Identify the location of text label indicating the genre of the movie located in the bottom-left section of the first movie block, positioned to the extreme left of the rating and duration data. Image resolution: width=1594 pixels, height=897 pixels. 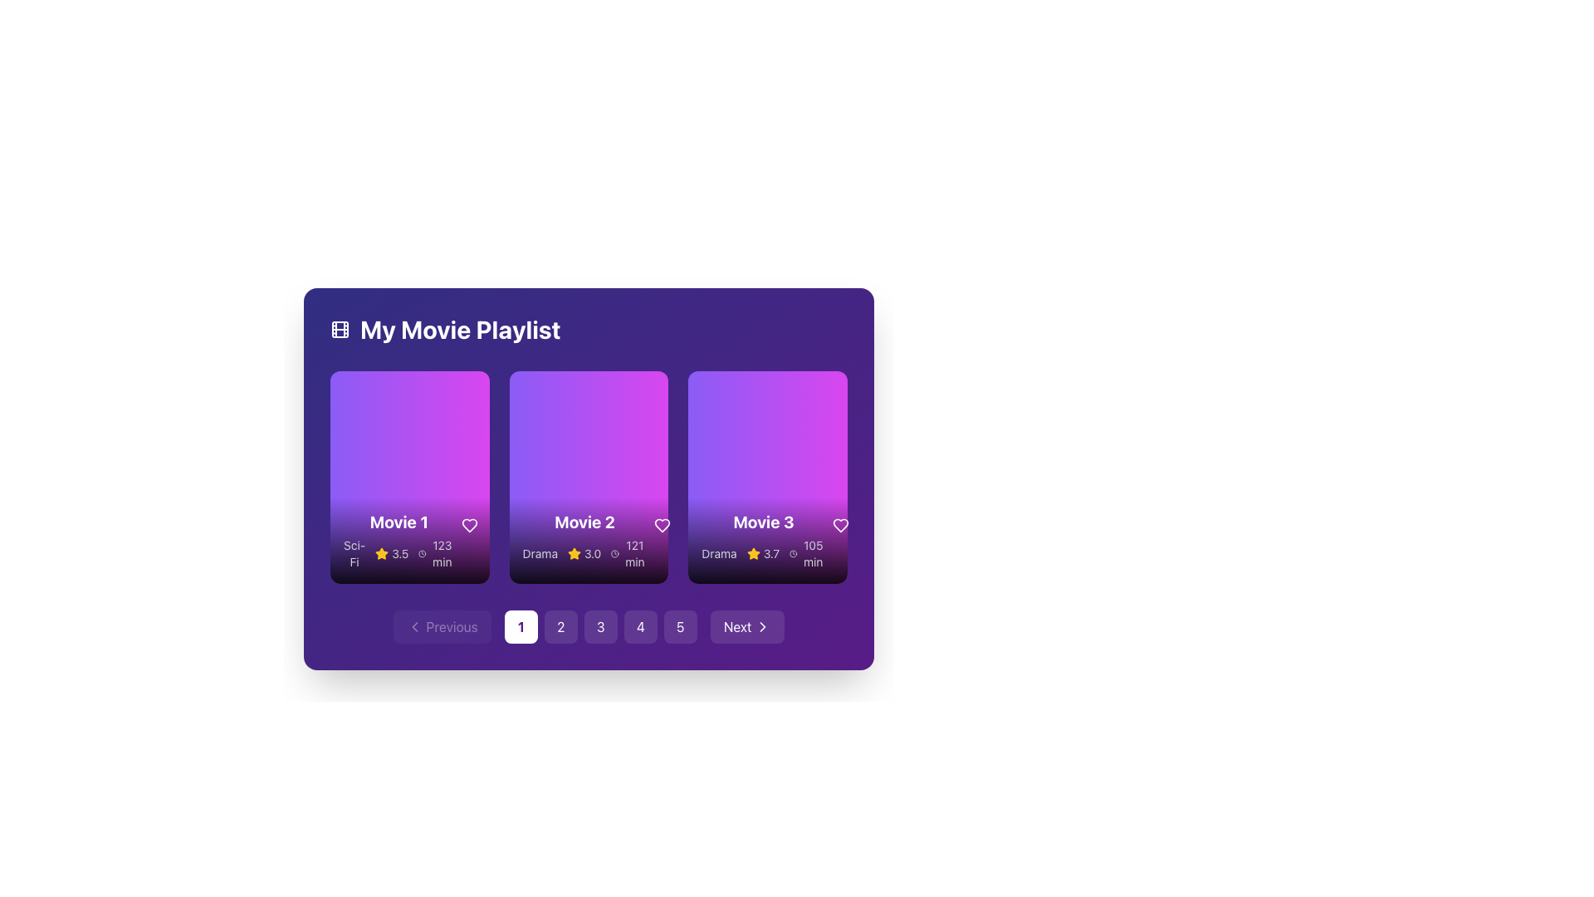
(354, 554).